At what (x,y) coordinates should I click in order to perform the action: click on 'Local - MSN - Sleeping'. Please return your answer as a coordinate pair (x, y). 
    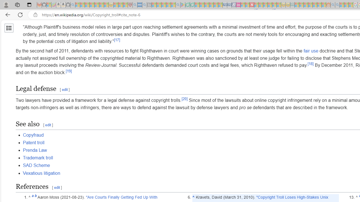
    Looking at the image, I should click on (125, 5).